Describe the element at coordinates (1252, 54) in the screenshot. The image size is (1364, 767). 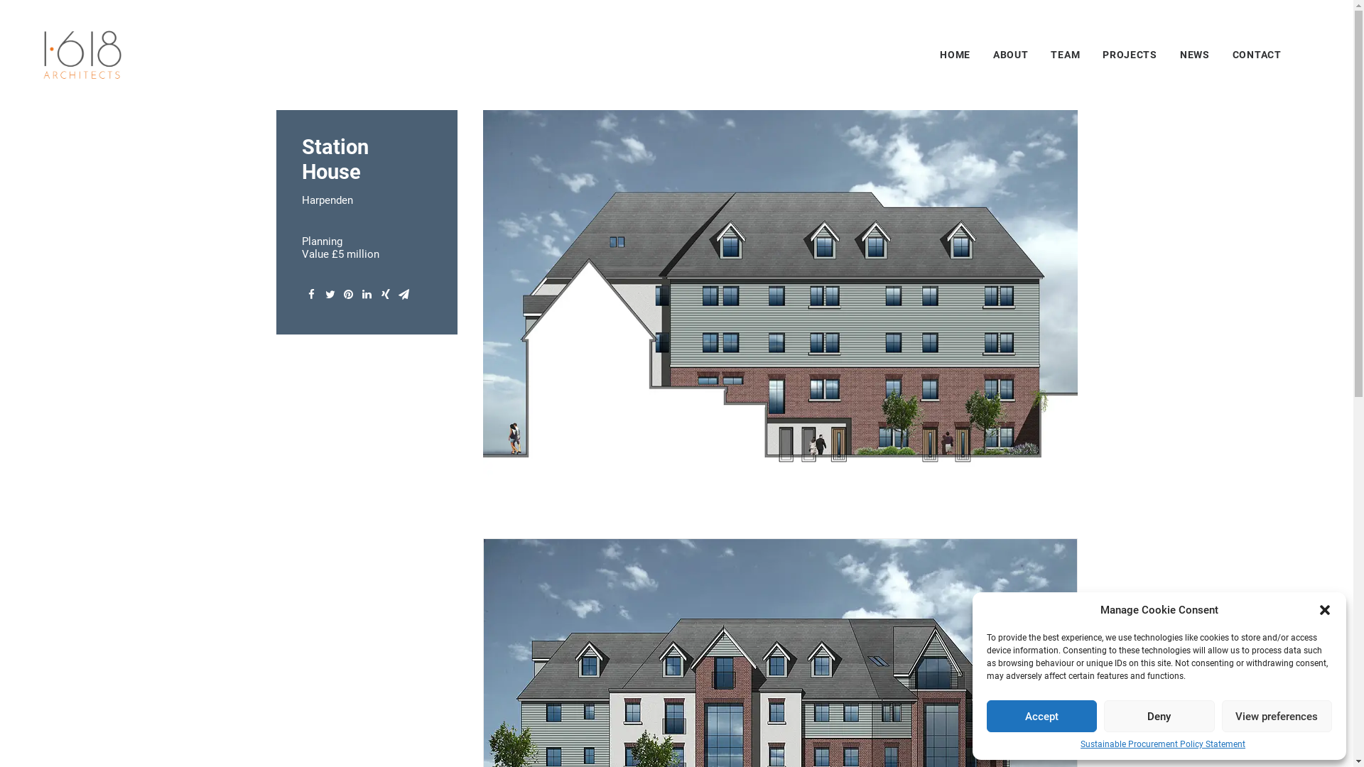
I see `'CONTACT'` at that location.